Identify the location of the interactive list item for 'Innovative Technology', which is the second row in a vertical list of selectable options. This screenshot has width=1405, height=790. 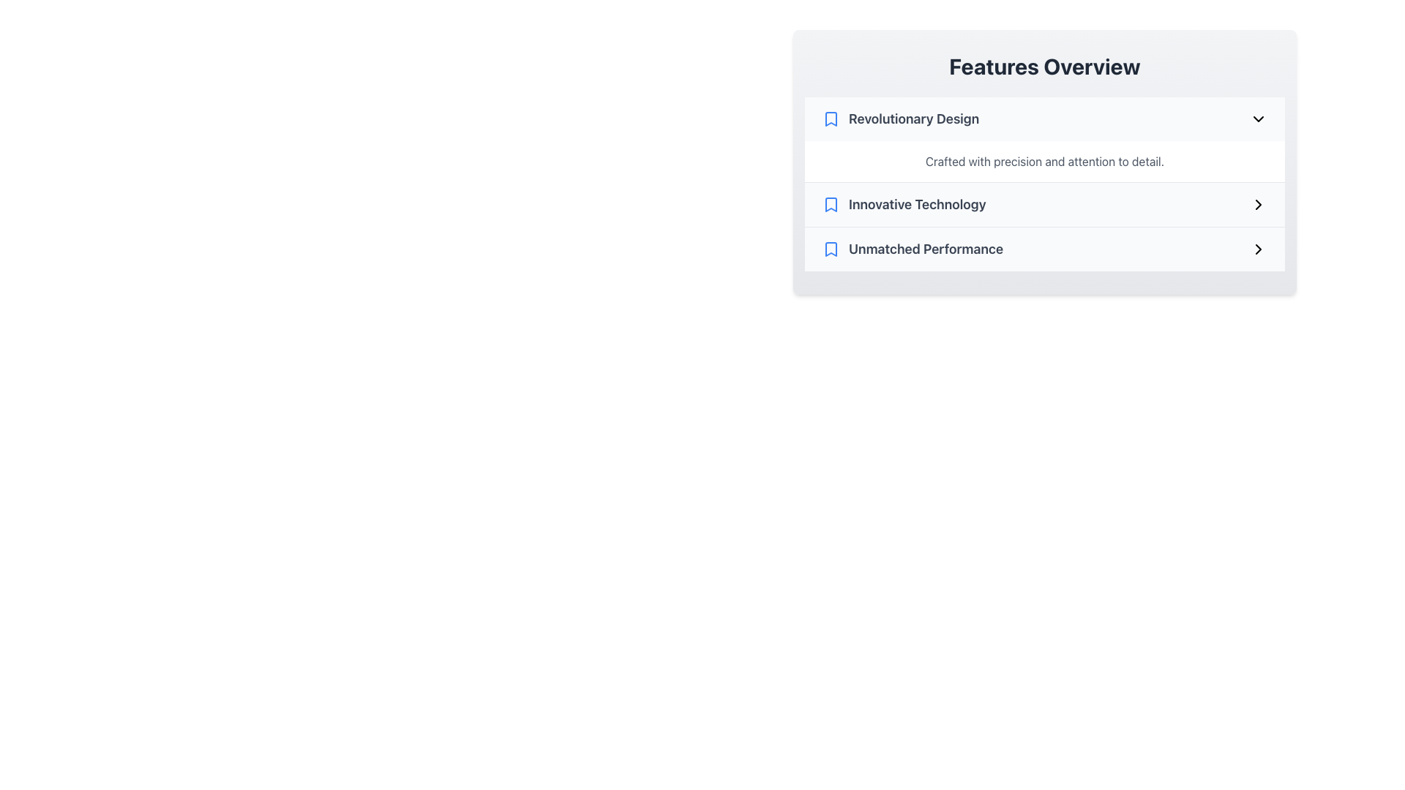
(1044, 205).